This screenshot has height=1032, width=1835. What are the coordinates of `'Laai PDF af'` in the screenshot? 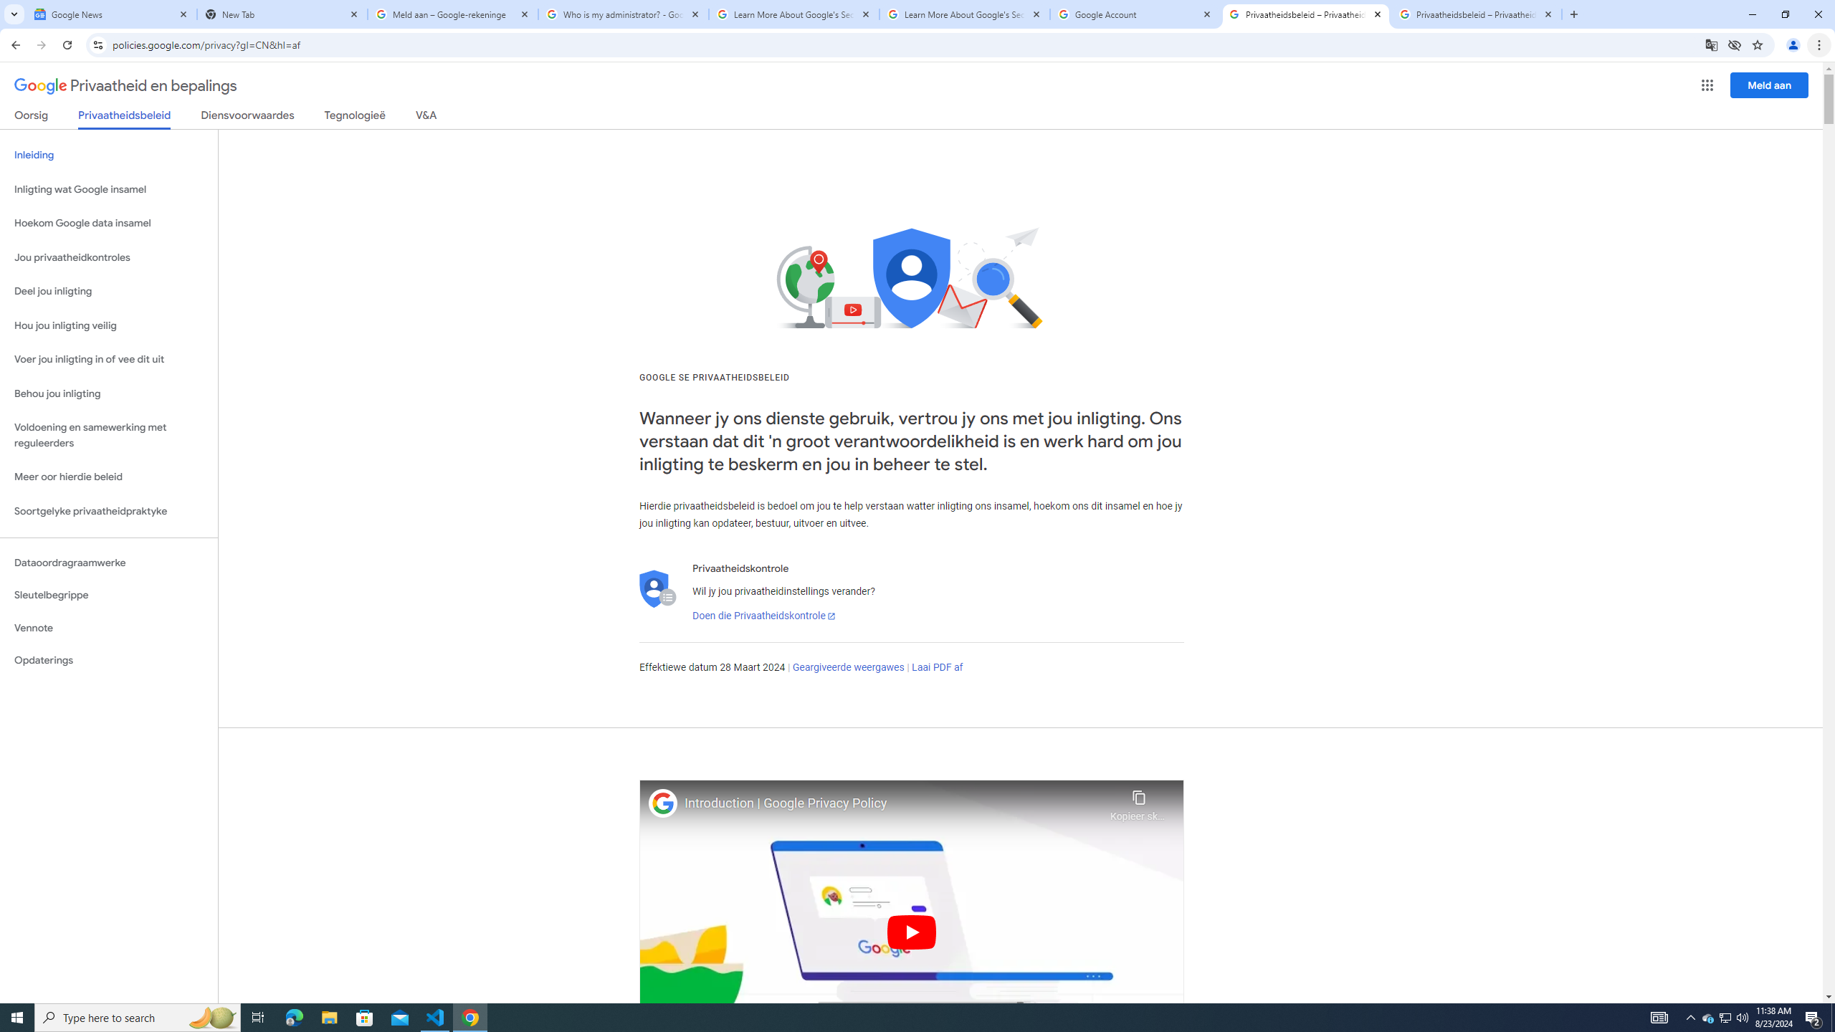 It's located at (938, 666).